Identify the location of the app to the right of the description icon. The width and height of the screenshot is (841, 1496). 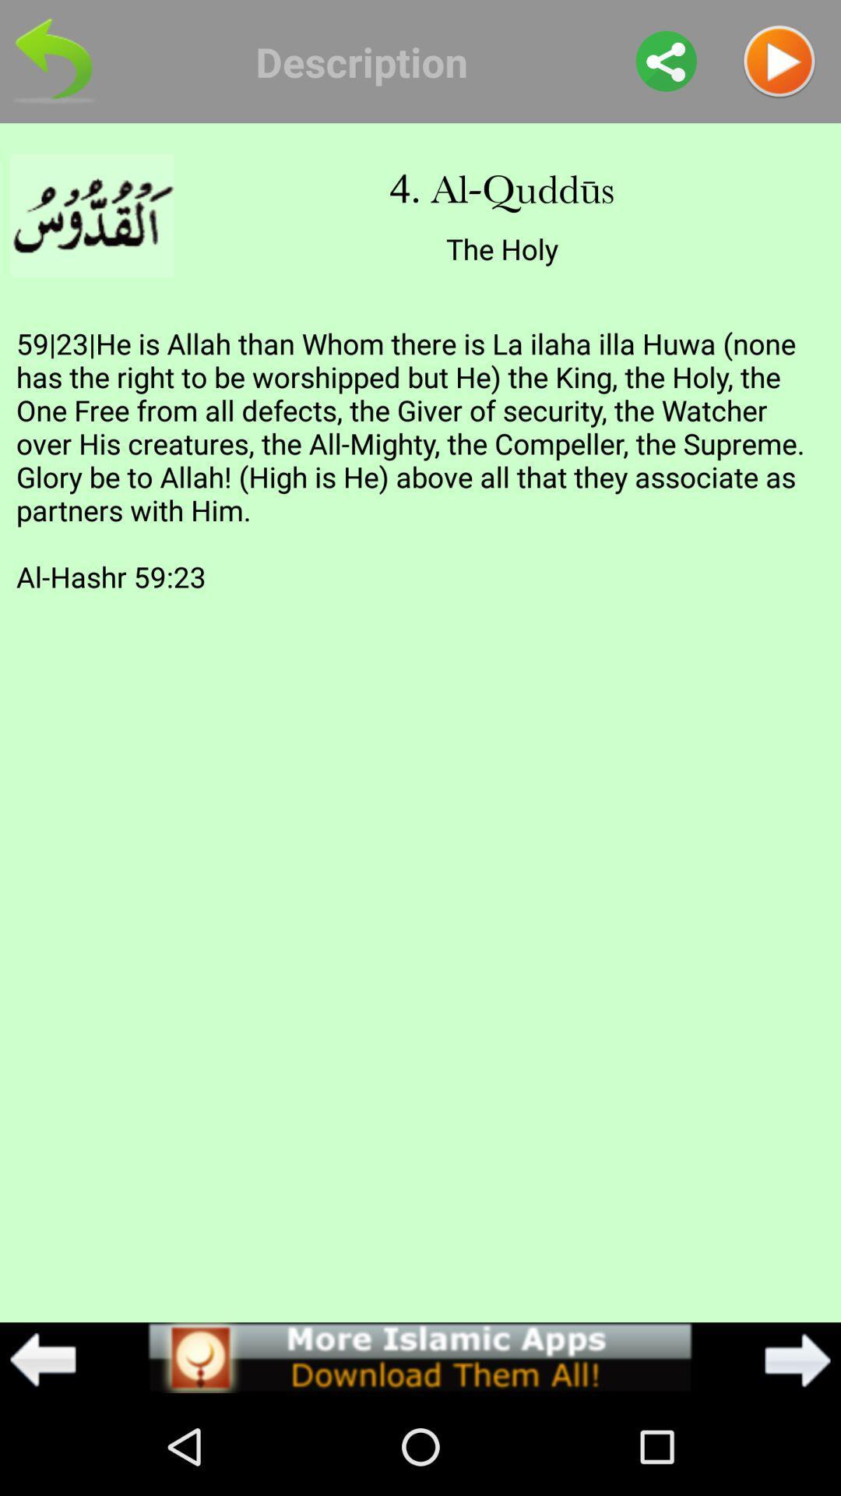
(666, 61).